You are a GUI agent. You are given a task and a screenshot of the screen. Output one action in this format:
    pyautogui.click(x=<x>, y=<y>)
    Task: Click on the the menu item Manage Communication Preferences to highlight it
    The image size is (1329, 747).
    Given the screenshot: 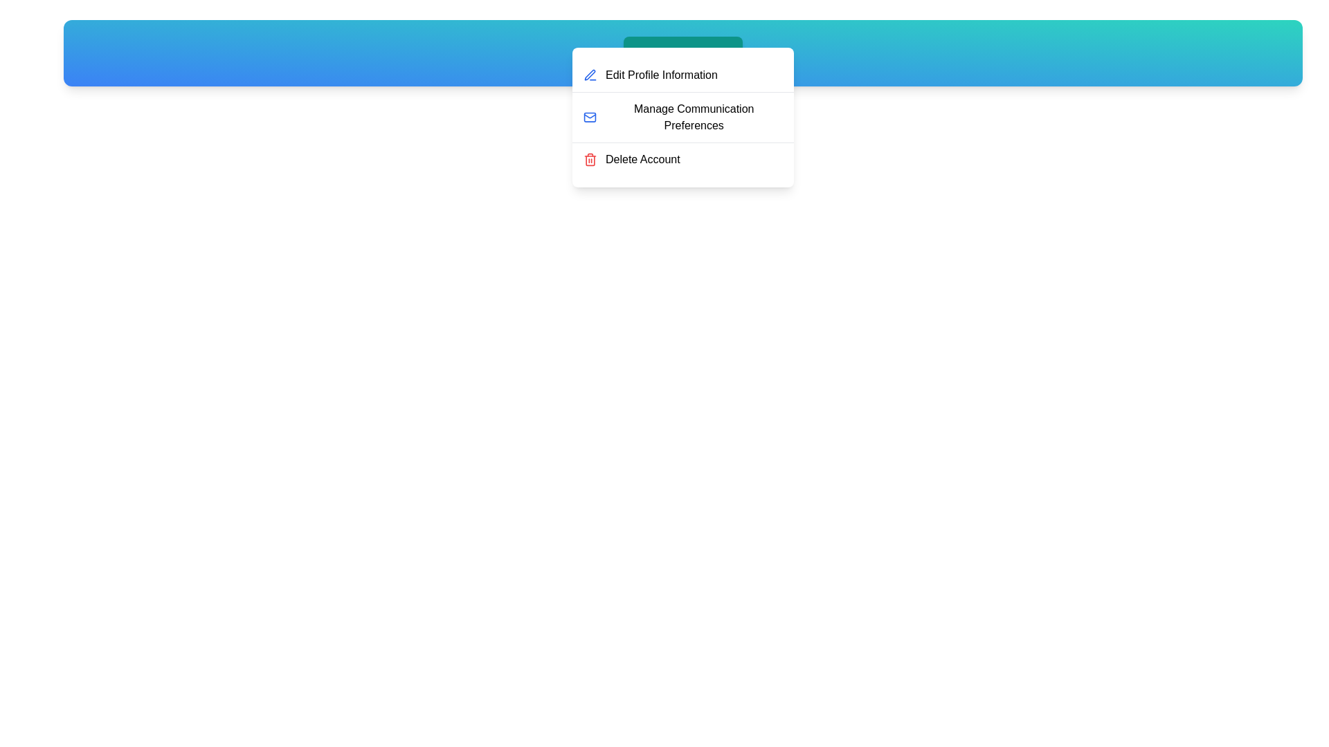 What is the action you would take?
    pyautogui.click(x=683, y=116)
    